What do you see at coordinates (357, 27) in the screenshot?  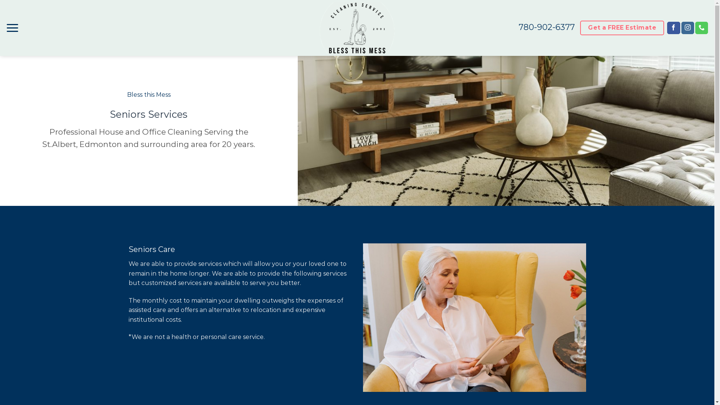 I see `'Bless This Mess - Committed to Professional Cleaning'` at bounding box center [357, 27].